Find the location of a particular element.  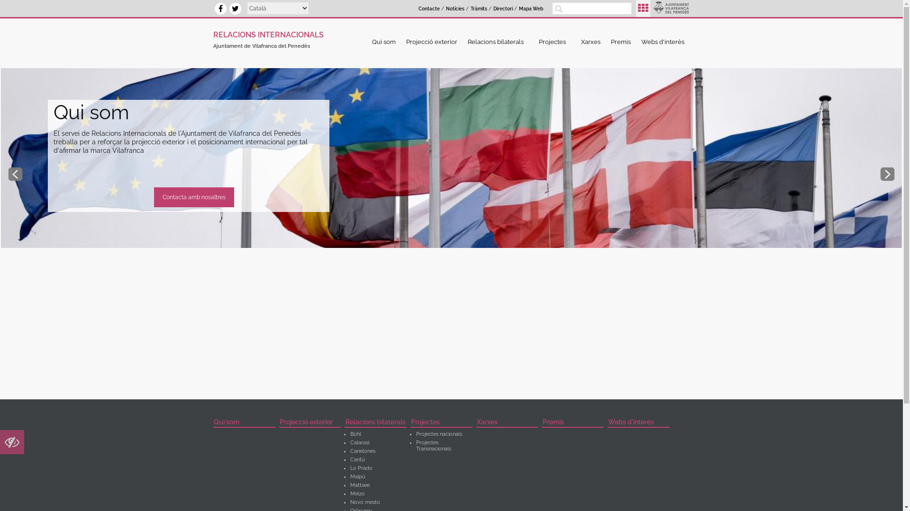

'Directori' is located at coordinates (502, 9).